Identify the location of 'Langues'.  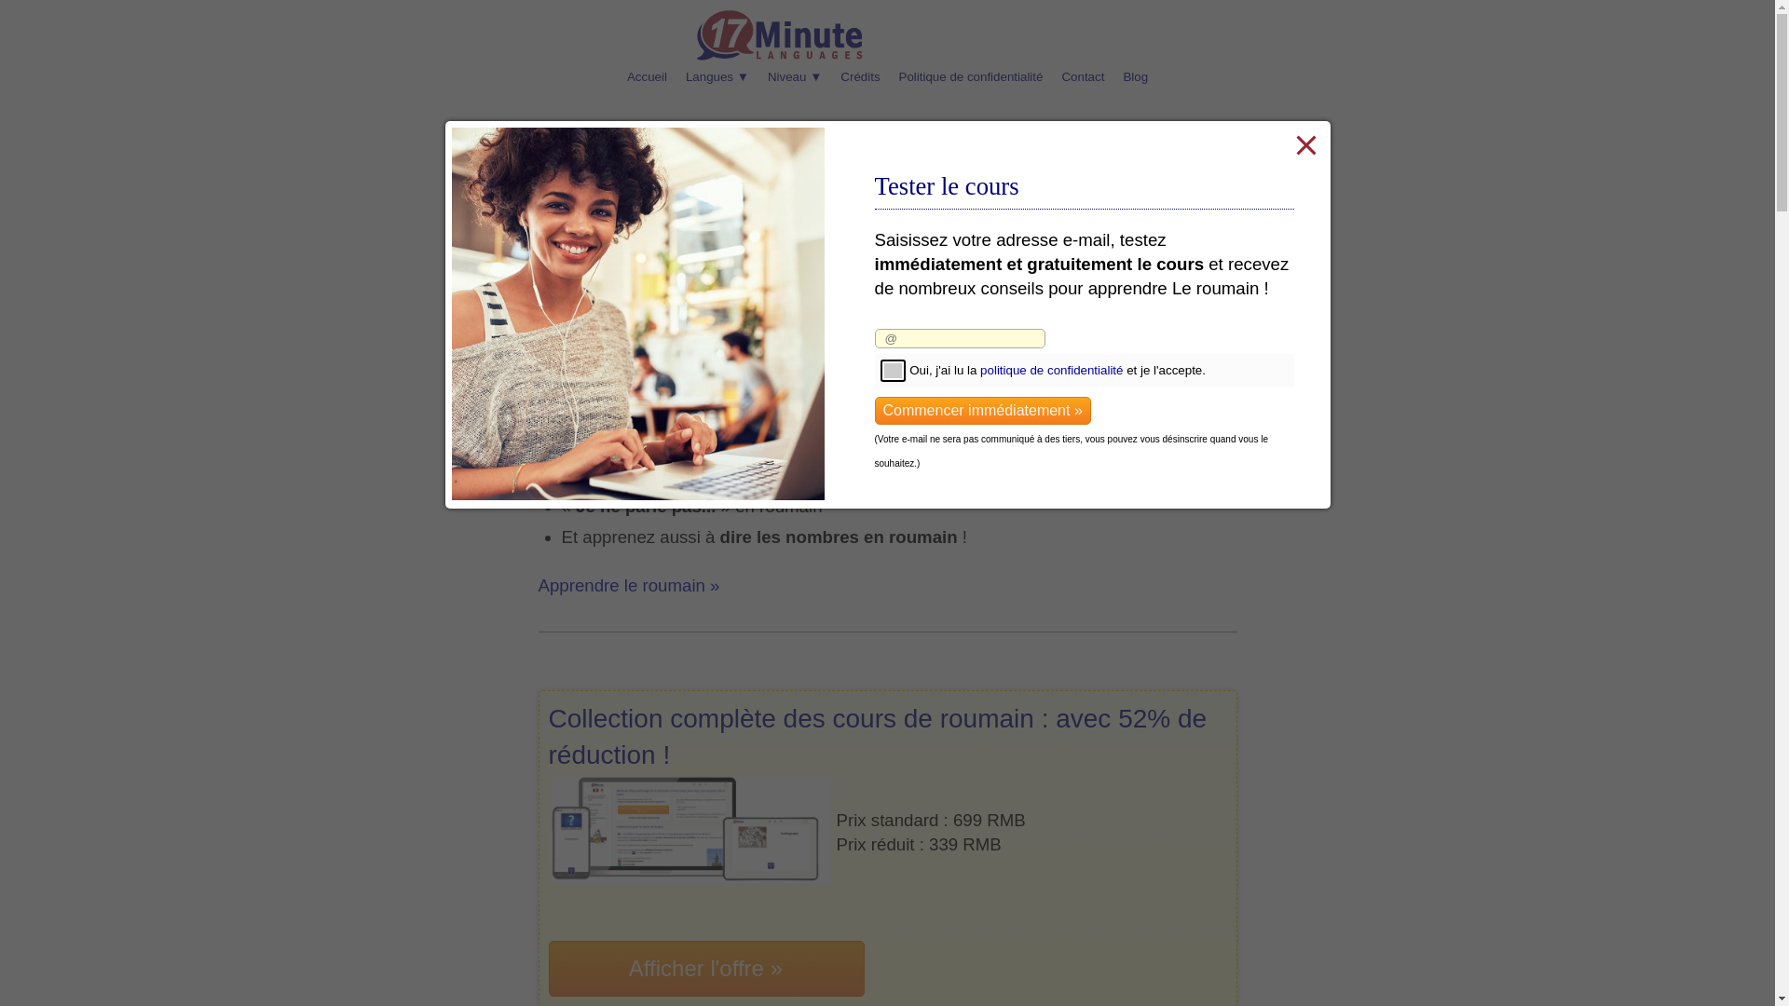
(716, 76).